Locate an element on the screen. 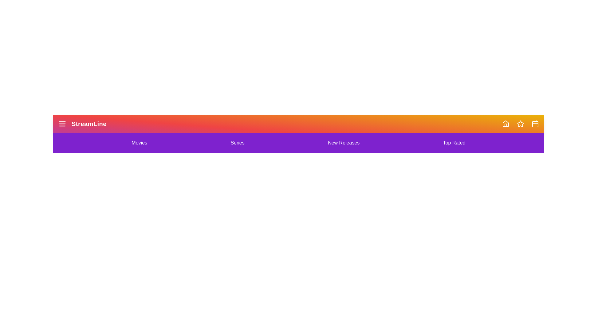 The image size is (590, 332). the navigation icon corresponding to Calendar is located at coordinates (535, 124).